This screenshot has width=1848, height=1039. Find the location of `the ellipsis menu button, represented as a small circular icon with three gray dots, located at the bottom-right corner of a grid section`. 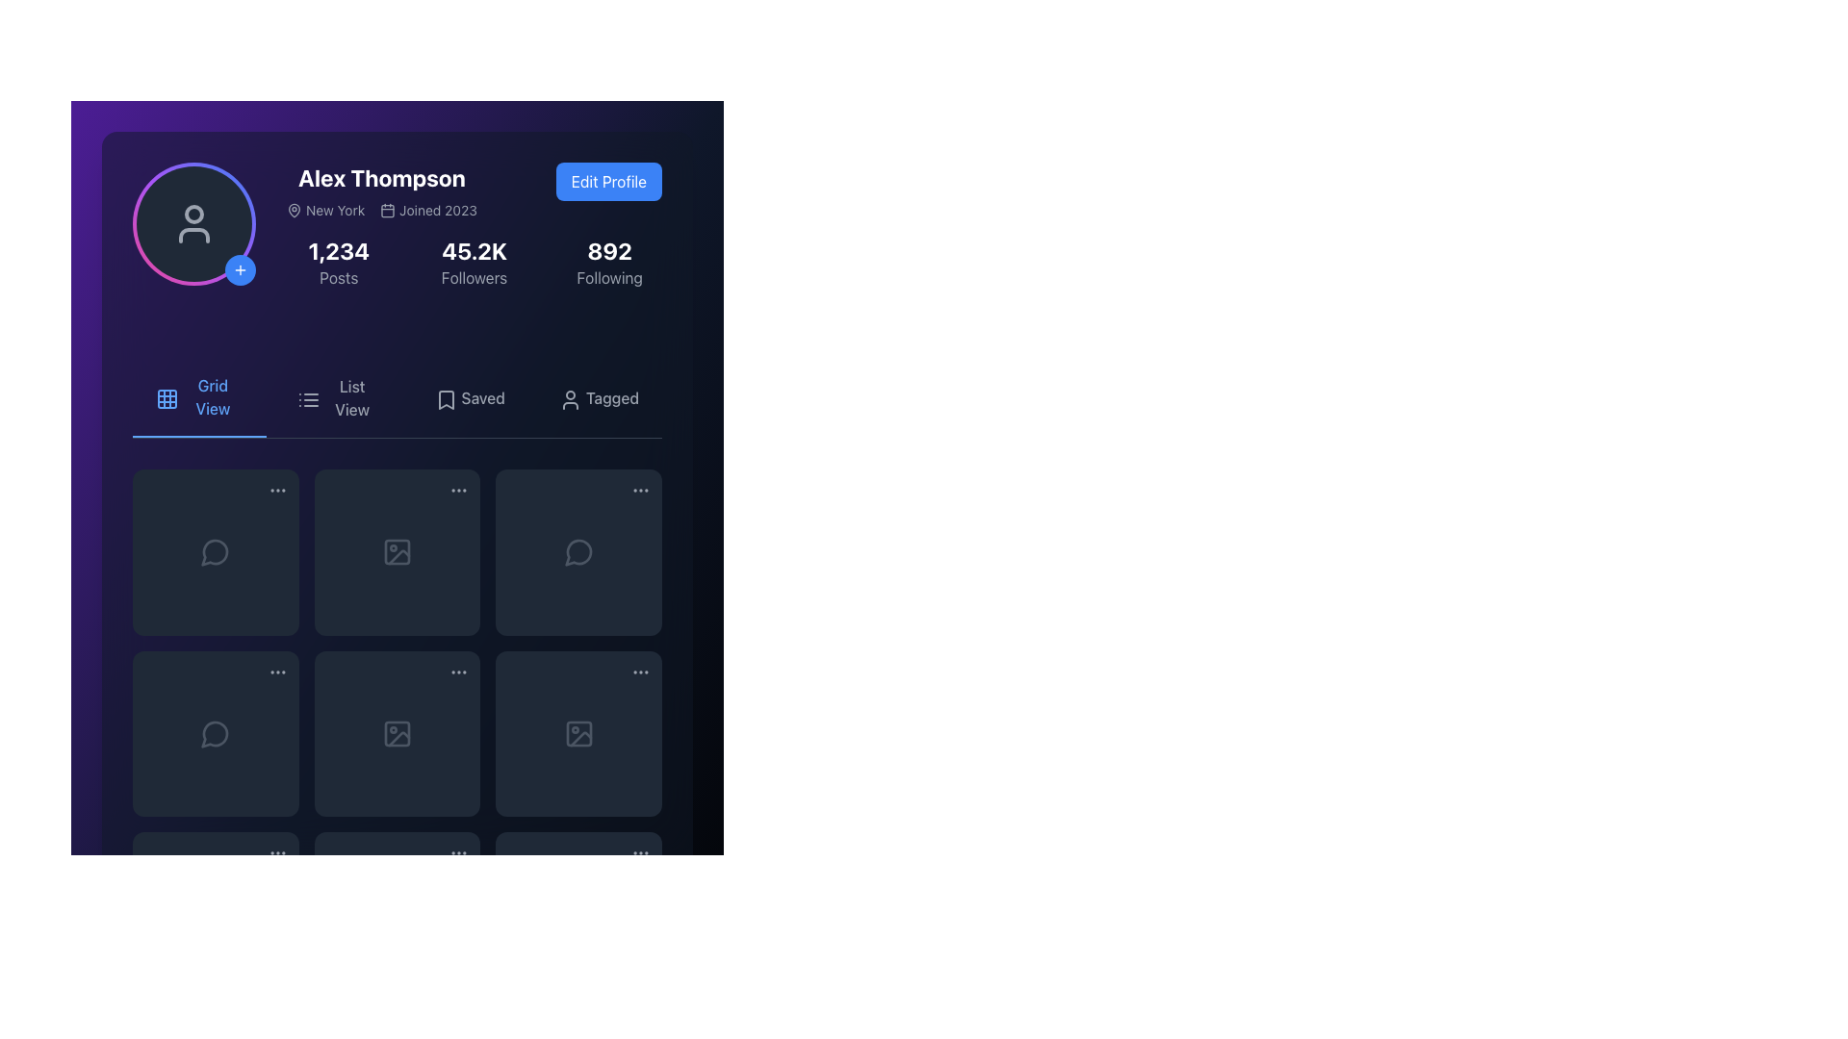

the ellipsis menu button, represented as a small circular icon with three gray dots, located at the bottom-right corner of a grid section is located at coordinates (276, 852).